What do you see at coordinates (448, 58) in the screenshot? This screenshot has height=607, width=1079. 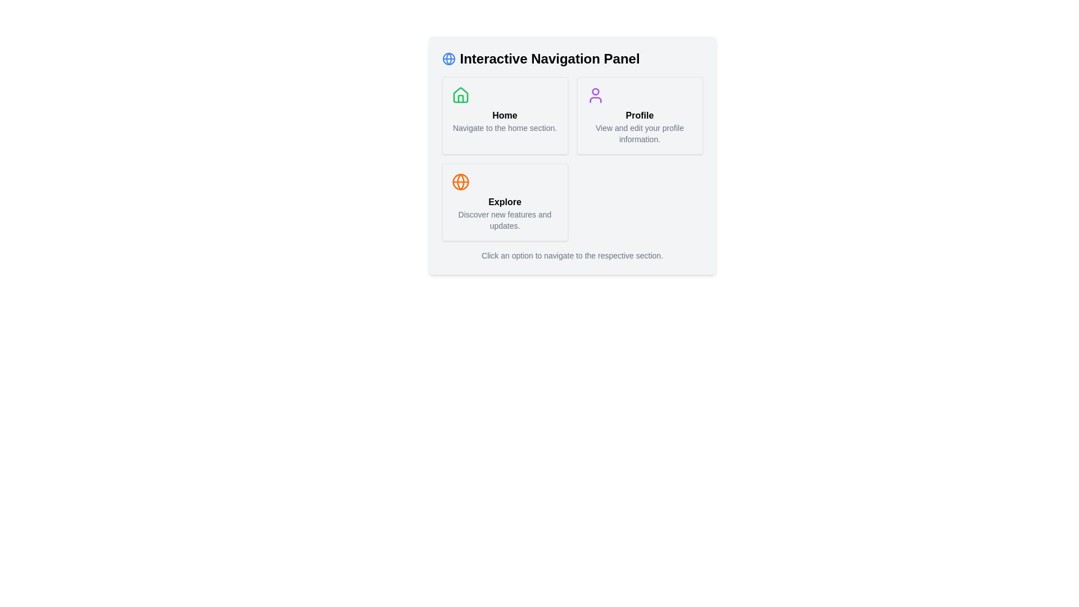 I see `the central circular part of the blue globe icon in the 'Explore' section of the navigation panel, which visually represents global features` at bounding box center [448, 58].